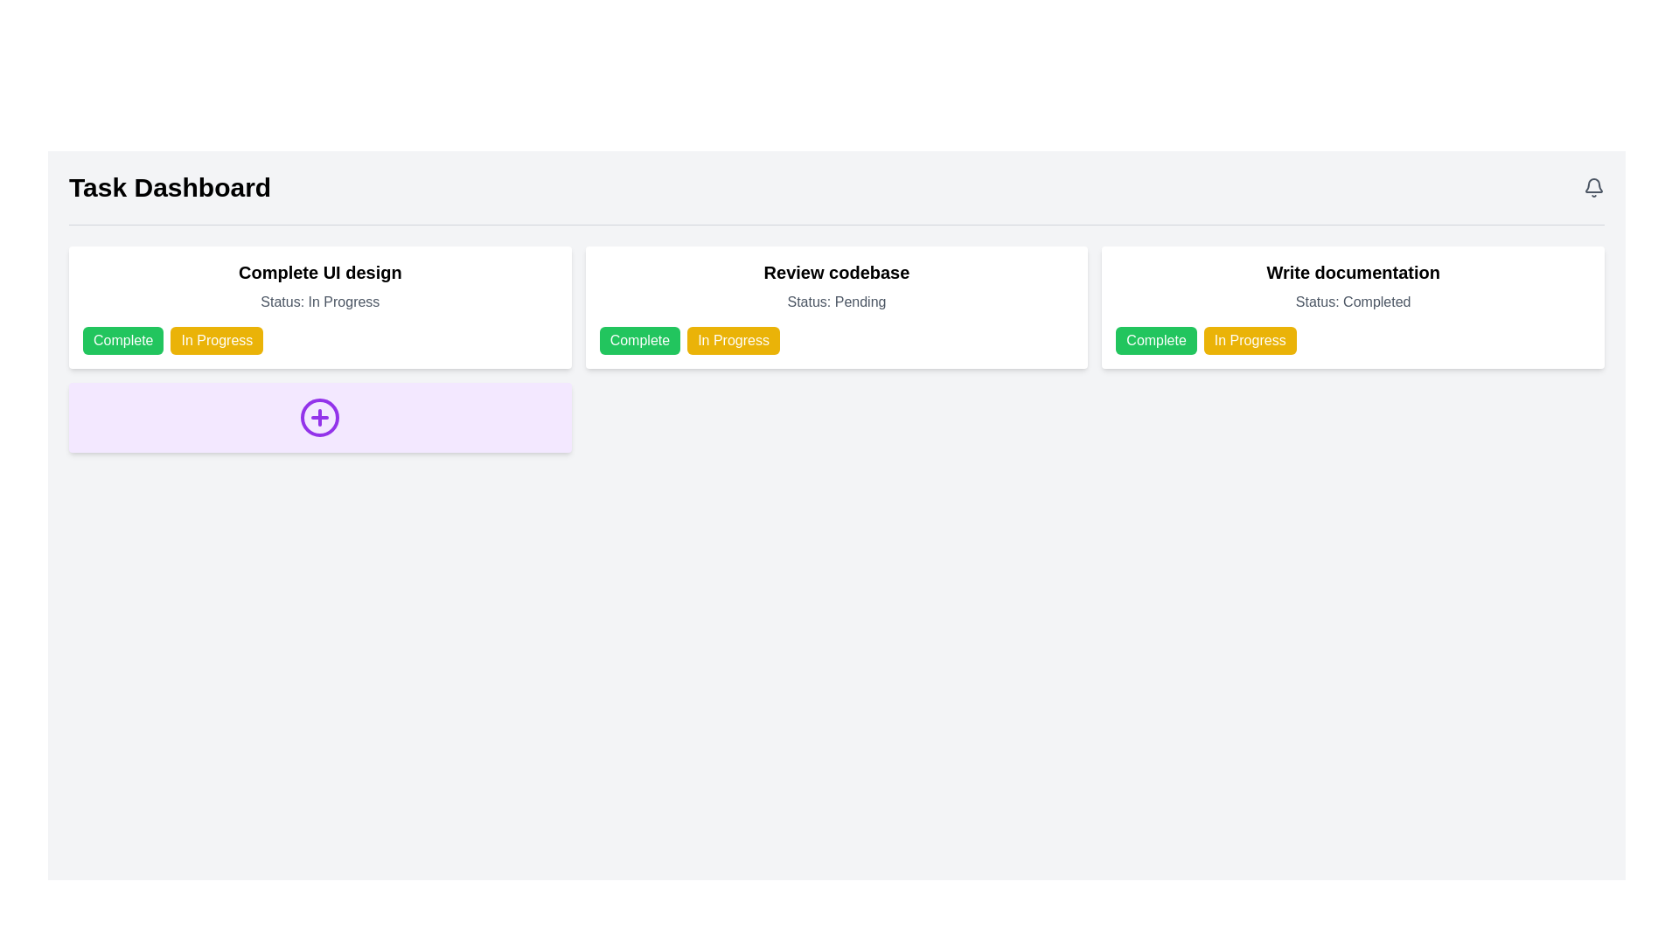 Image resolution: width=1679 pixels, height=944 pixels. Describe the element at coordinates (835, 302) in the screenshot. I see `the text label displaying 'Status: Pending' which is centrally aligned within a white rectangular card, positioned below the heading 'Review codebase'` at that location.